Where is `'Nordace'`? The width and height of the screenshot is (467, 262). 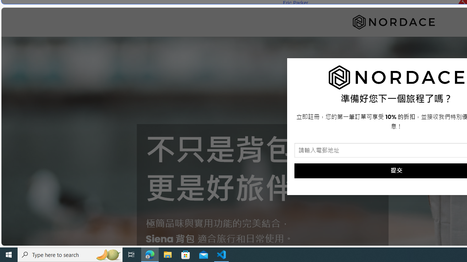 'Nordace' is located at coordinates (393, 21).